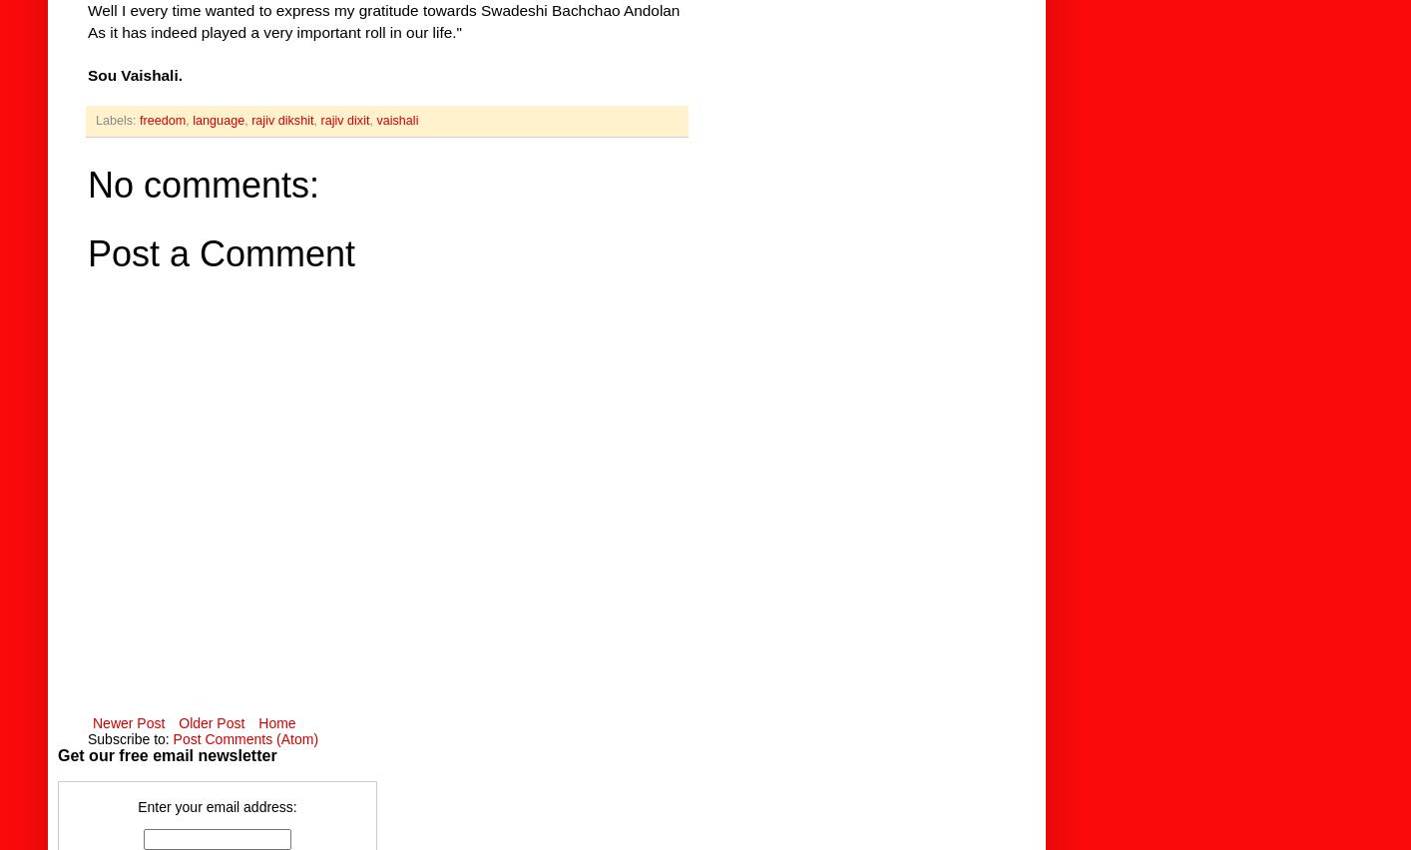  What do you see at coordinates (127, 721) in the screenshot?
I see `'Newer Post'` at bounding box center [127, 721].